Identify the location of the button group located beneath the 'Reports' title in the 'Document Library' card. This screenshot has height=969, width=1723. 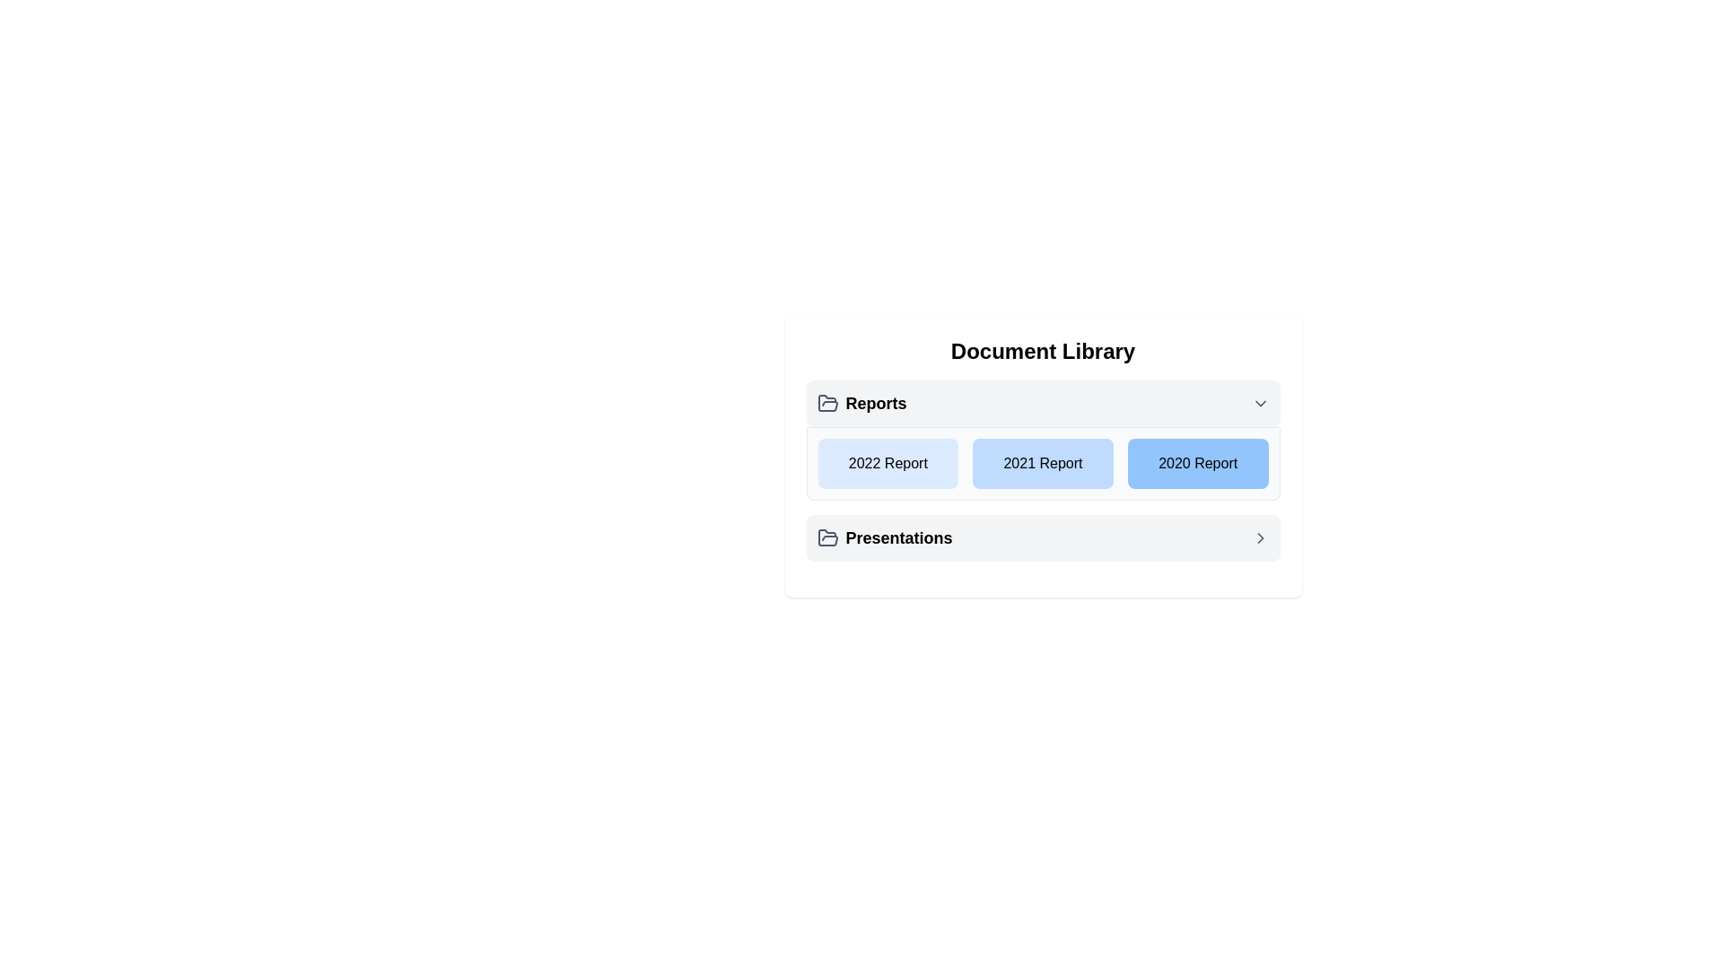
(1043, 462).